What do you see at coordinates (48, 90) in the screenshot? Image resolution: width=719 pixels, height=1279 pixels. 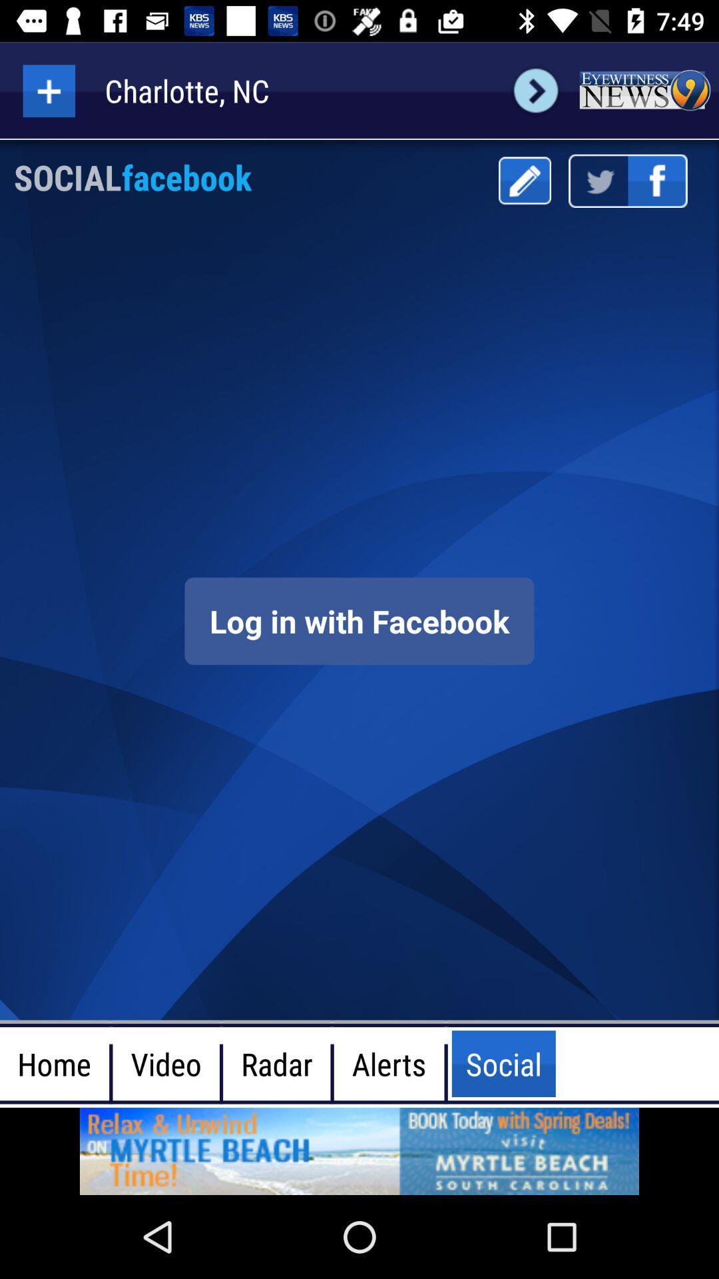 I see `the add icon` at bounding box center [48, 90].